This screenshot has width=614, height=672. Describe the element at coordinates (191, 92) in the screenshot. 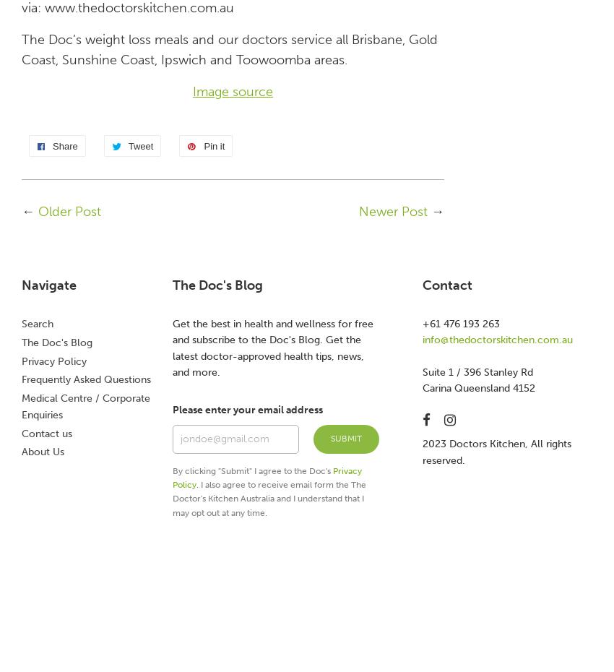

I see `'Image source'` at that location.